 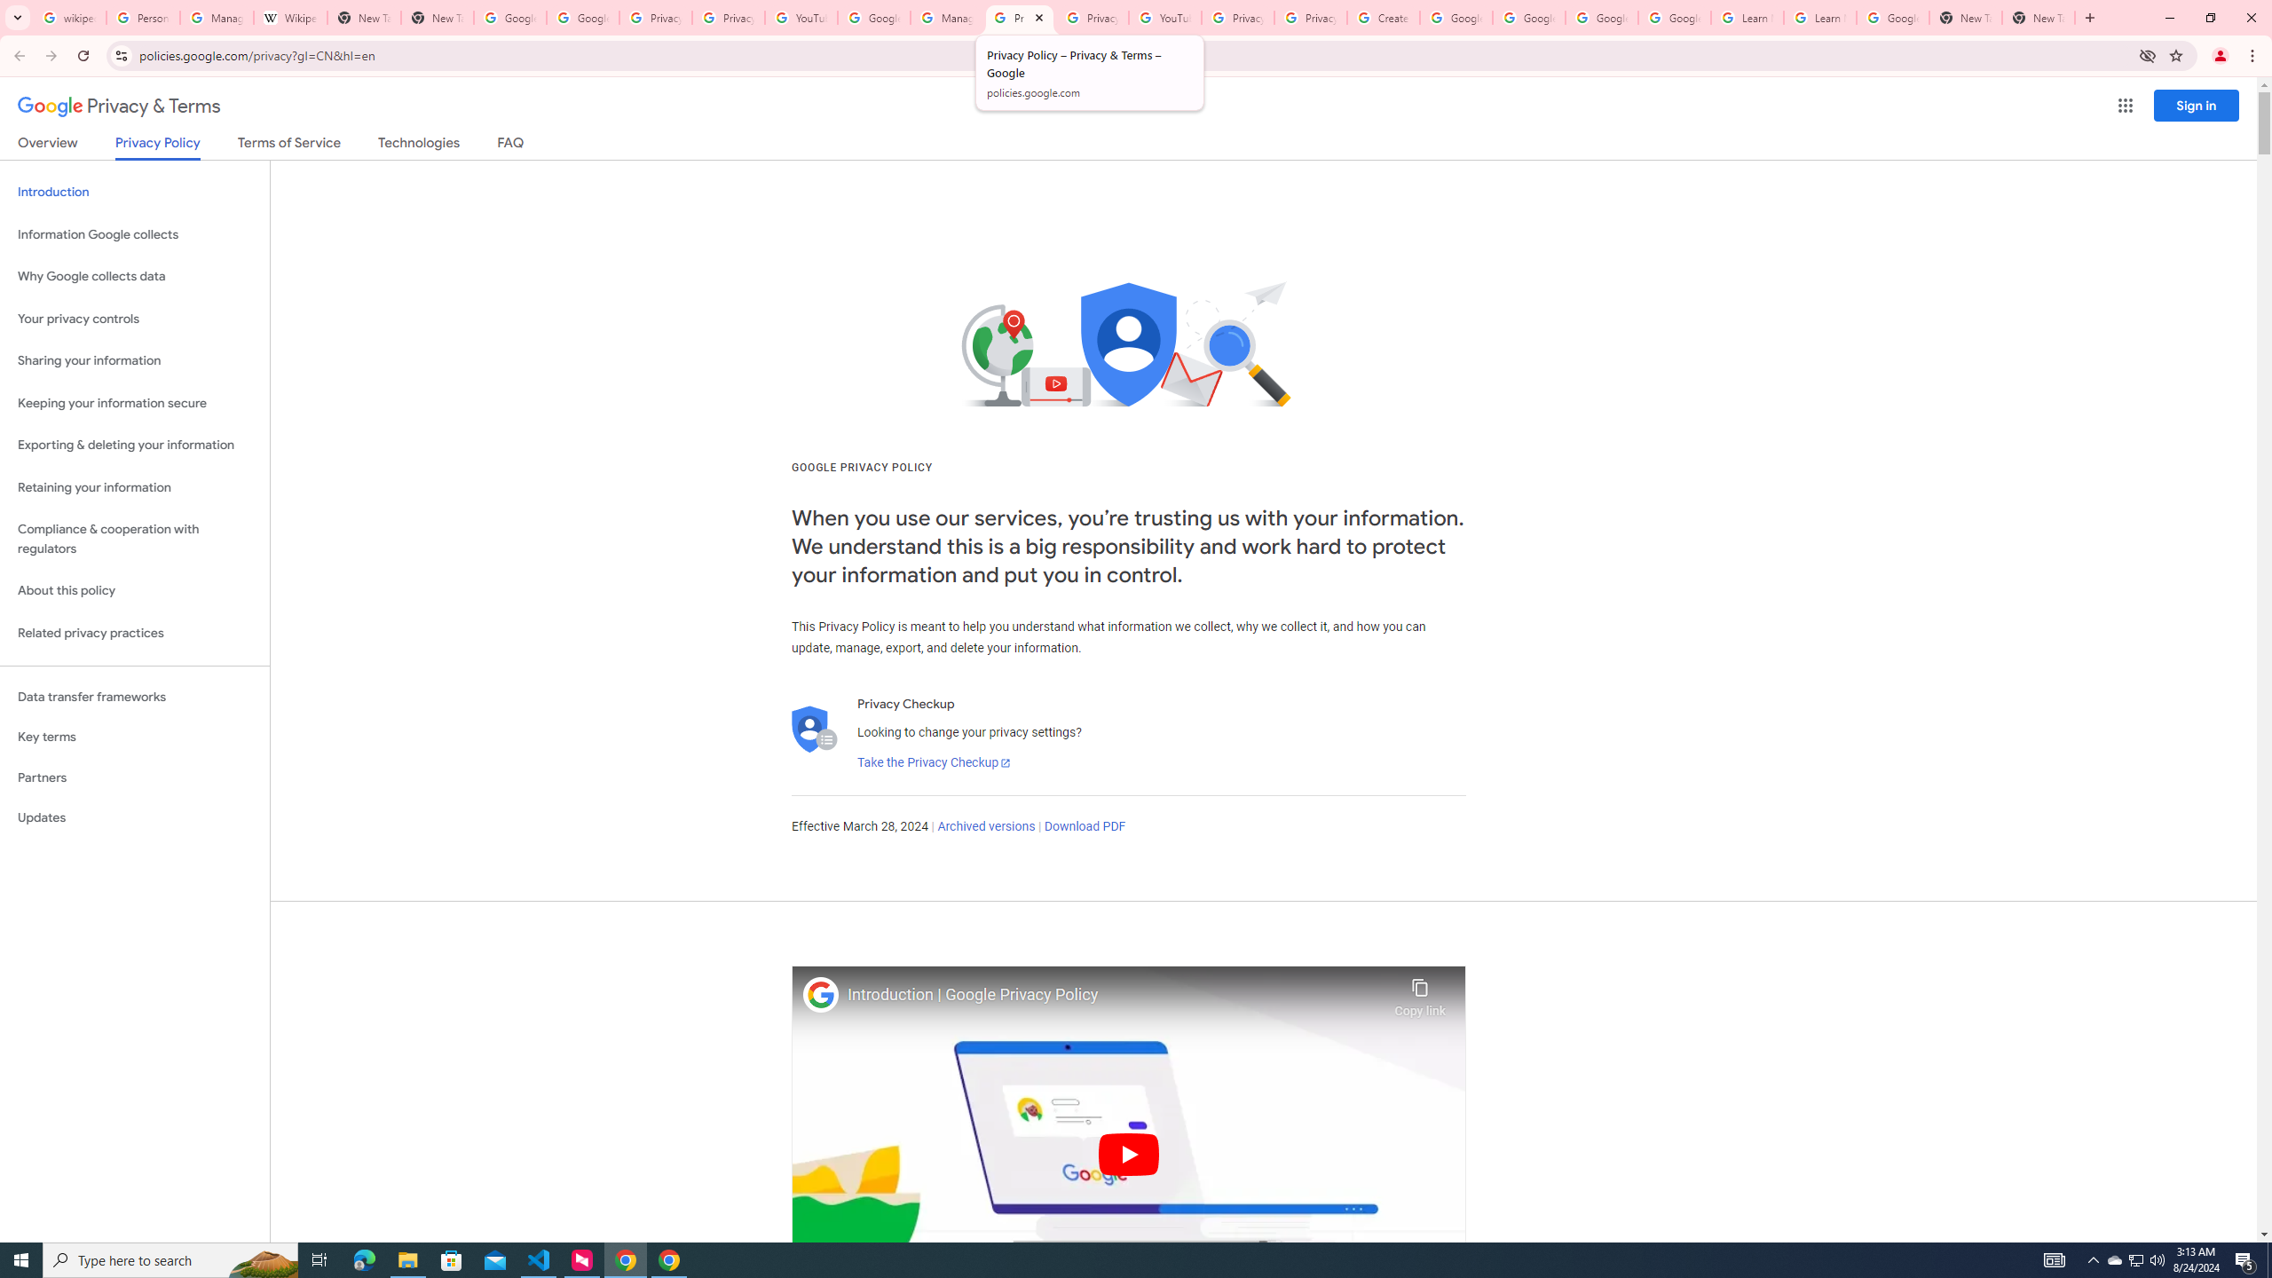 What do you see at coordinates (821, 993) in the screenshot?
I see `'Photo image of Google'` at bounding box center [821, 993].